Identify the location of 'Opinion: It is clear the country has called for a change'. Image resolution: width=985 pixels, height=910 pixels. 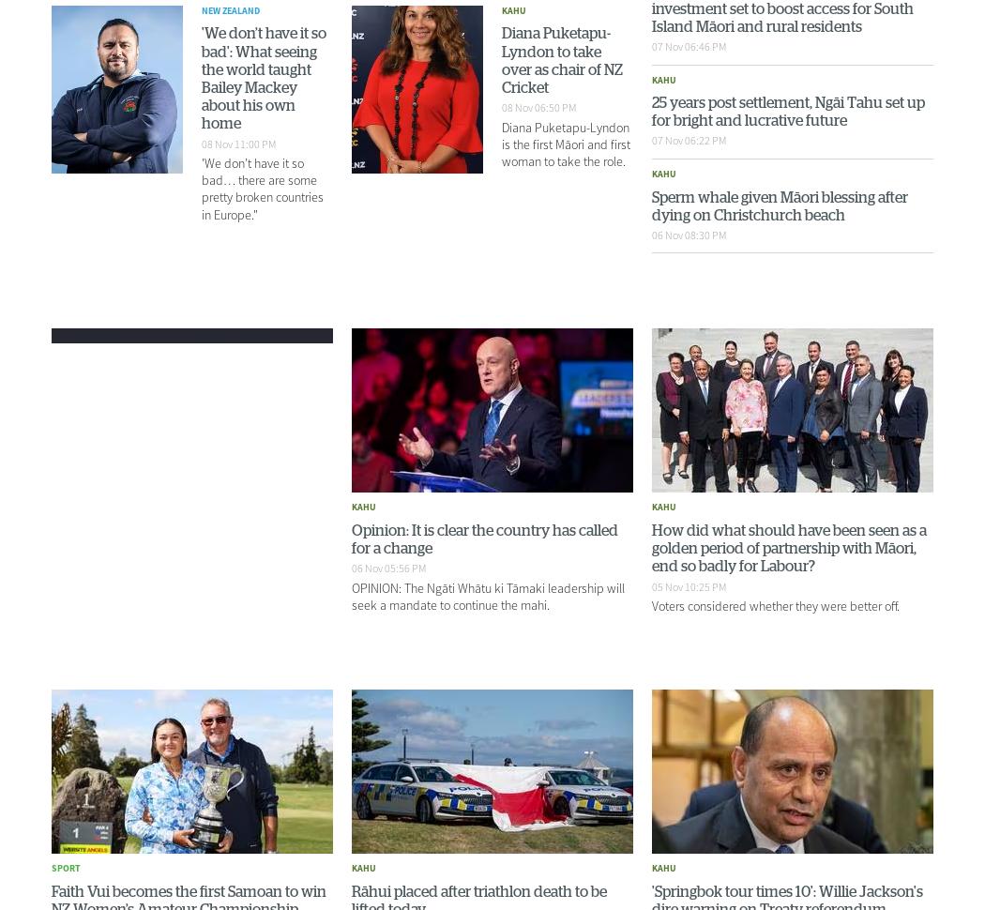
(484, 538).